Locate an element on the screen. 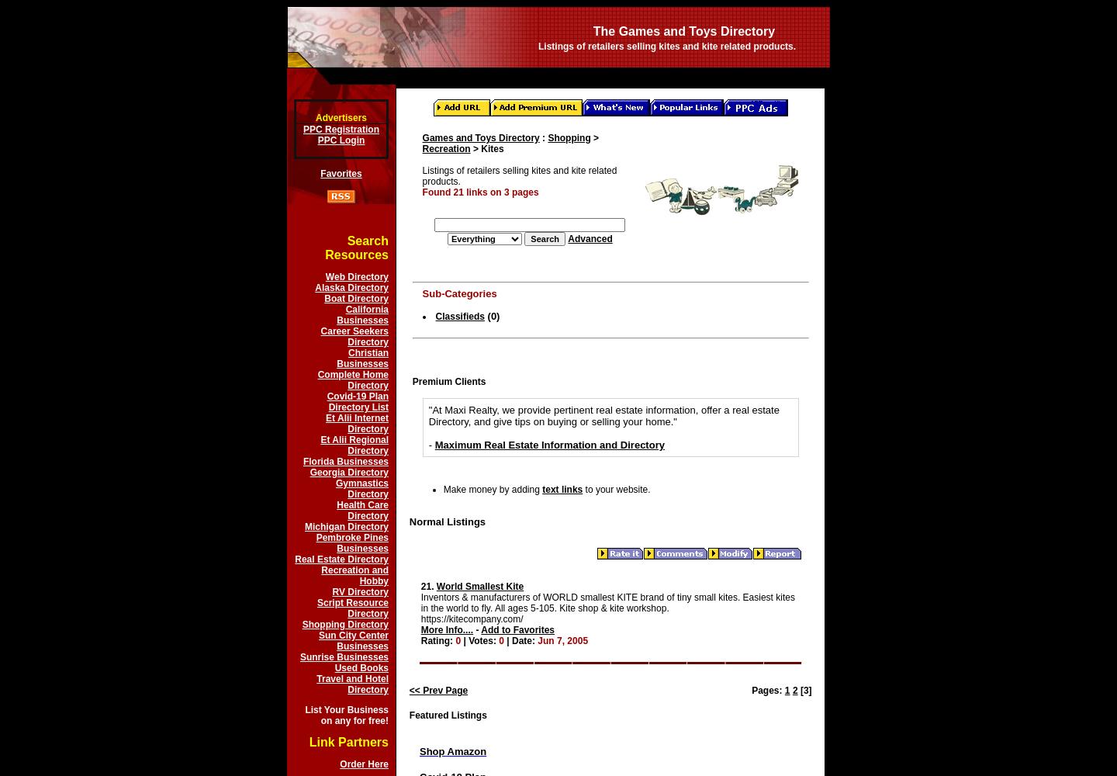 The width and height of the screenshot is (1117, 776). 'https://kitecompany.com/' is located at coordinates (420, 619).